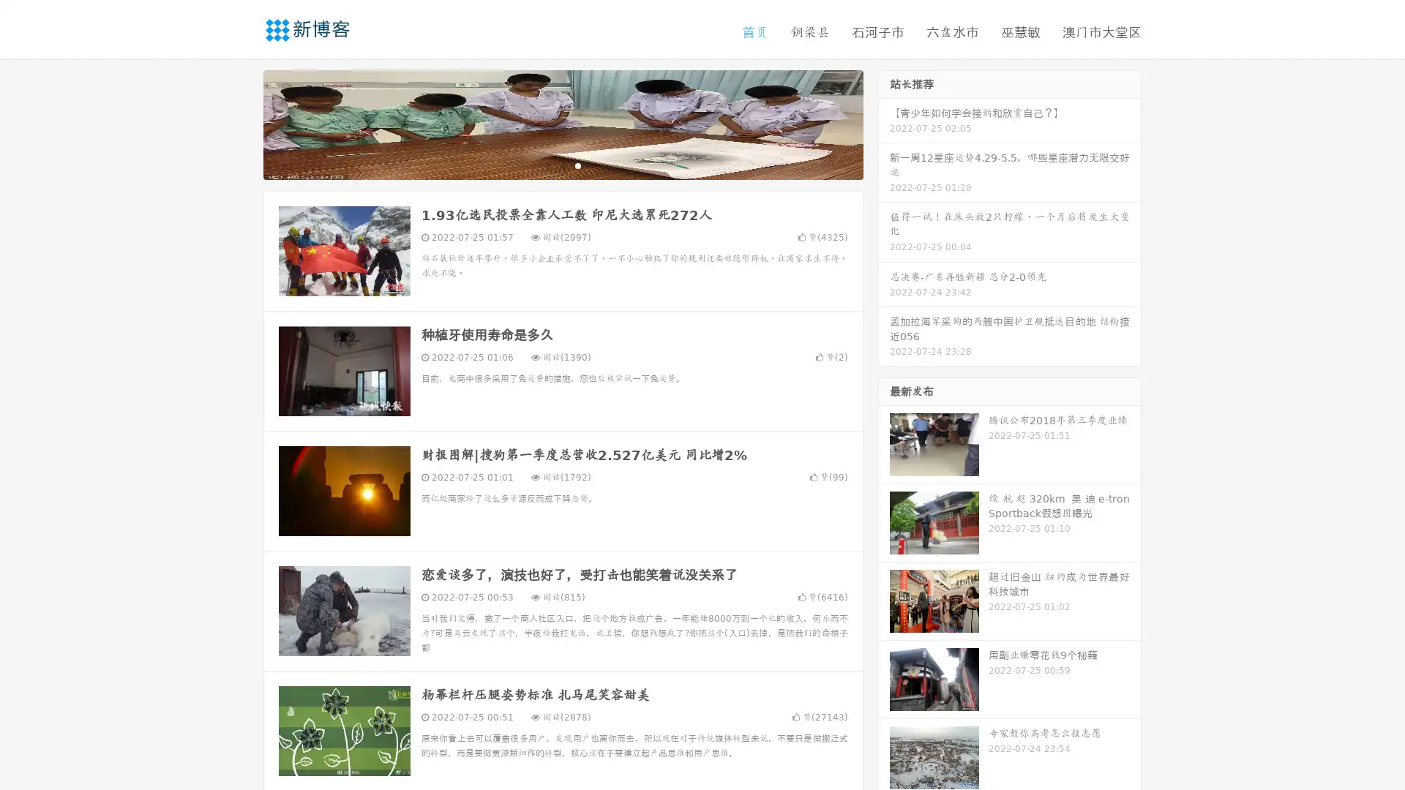  What do you see at coordinates (547, 165) in the screenshot?
I see `Go to slide 1` at bounding box center [547, 165].